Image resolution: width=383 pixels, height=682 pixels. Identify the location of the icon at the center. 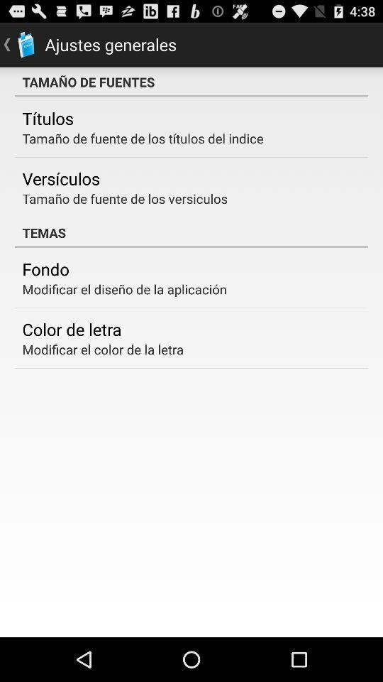
(191, 232).